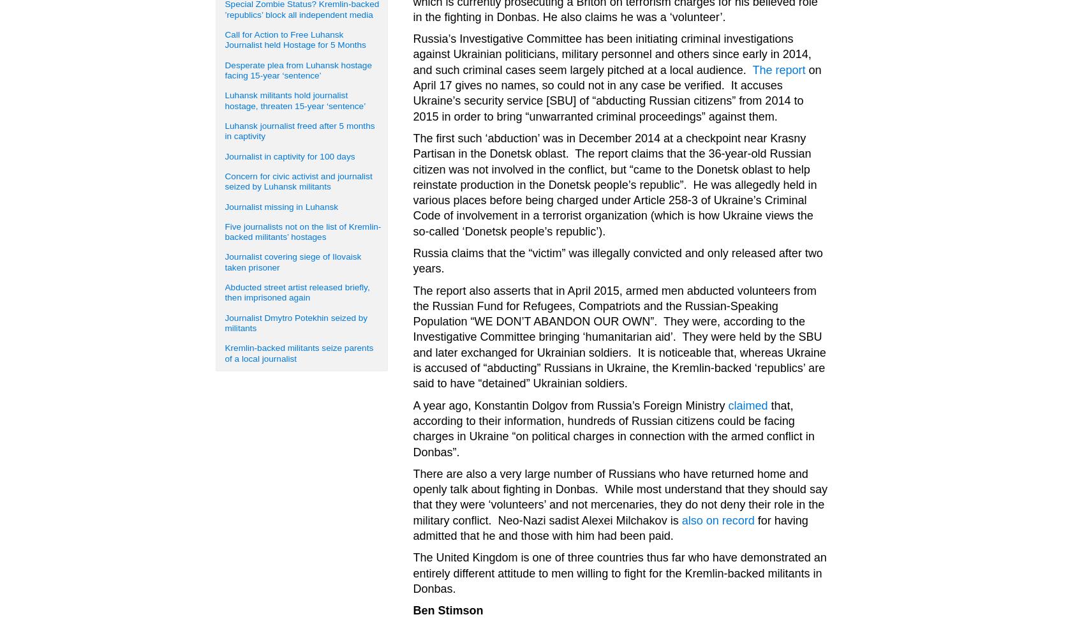 The height and width of the screenshot is (624, 1084). Describe the element at coordinates (680, 519) in the screenshot. I see `'also on record'` at that location.